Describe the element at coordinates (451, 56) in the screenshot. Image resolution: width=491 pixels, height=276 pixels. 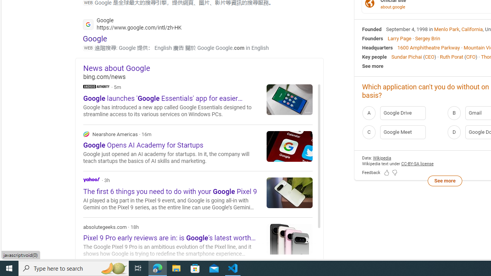
I see `'Ruth Porat'` at that location.